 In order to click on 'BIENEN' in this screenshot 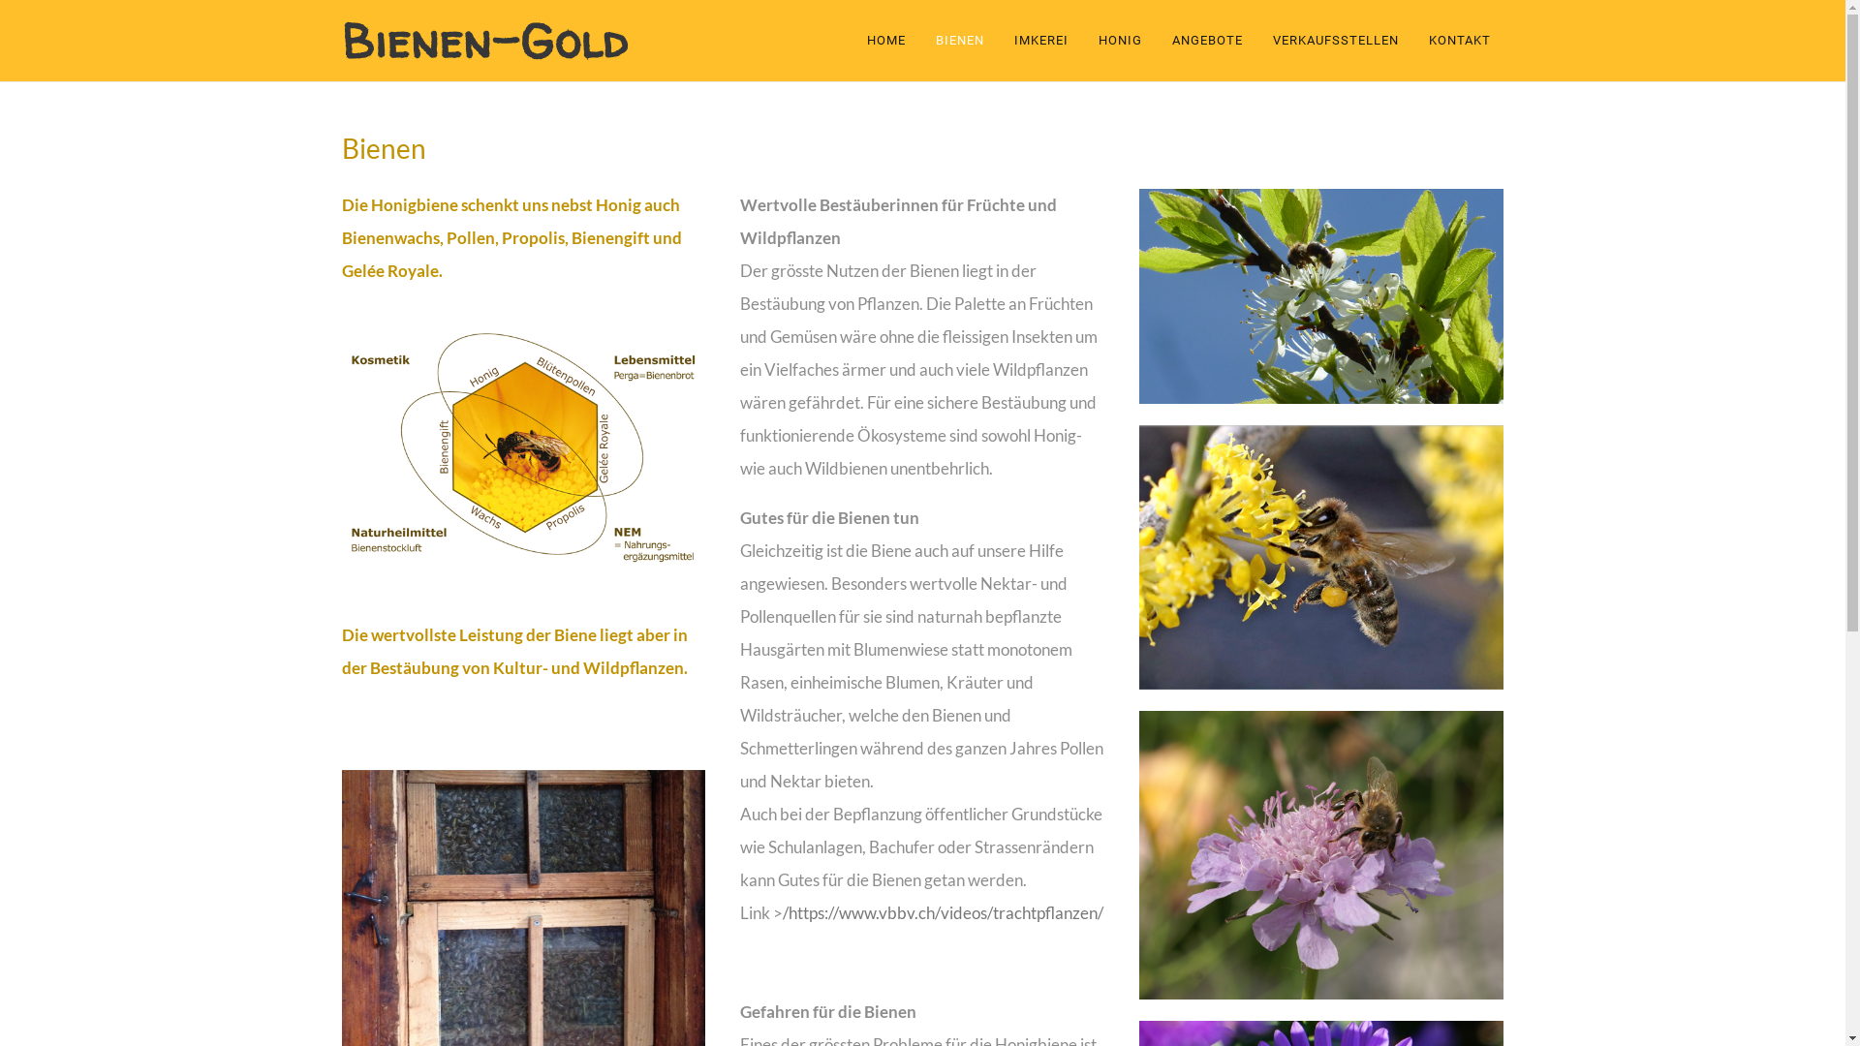, I will do `click(959, 41)`.